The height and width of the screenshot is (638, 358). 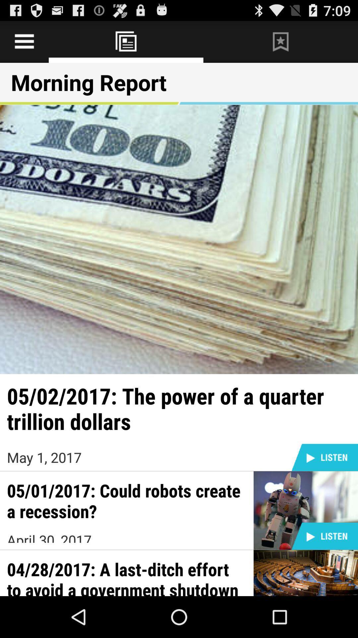 I want to click on the more icon, so click(x=280, y=44).